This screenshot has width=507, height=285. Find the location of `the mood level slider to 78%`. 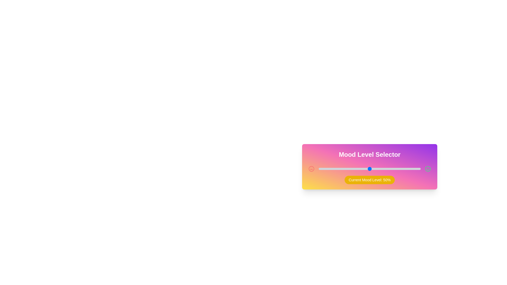

the mood level slider to 78% is located at coordinates (398, 169).